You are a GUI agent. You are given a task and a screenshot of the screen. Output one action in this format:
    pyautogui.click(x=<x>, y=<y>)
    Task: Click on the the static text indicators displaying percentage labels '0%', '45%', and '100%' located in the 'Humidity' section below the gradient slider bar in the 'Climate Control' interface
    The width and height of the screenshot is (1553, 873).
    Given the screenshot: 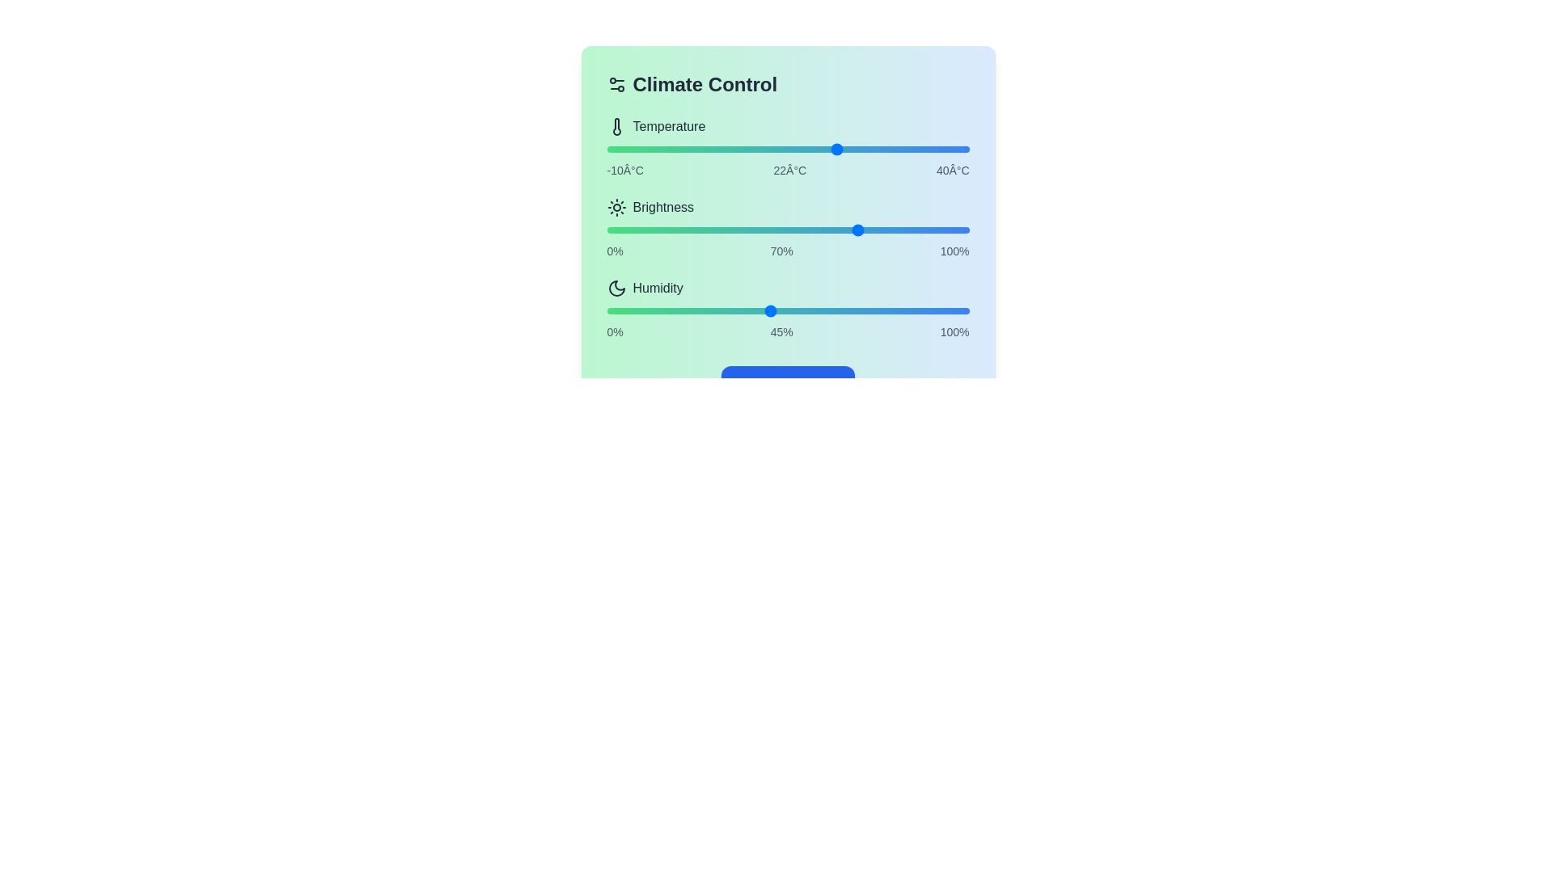 What is the action you would take?
    pyautogui.click(x=788, y=331)
    